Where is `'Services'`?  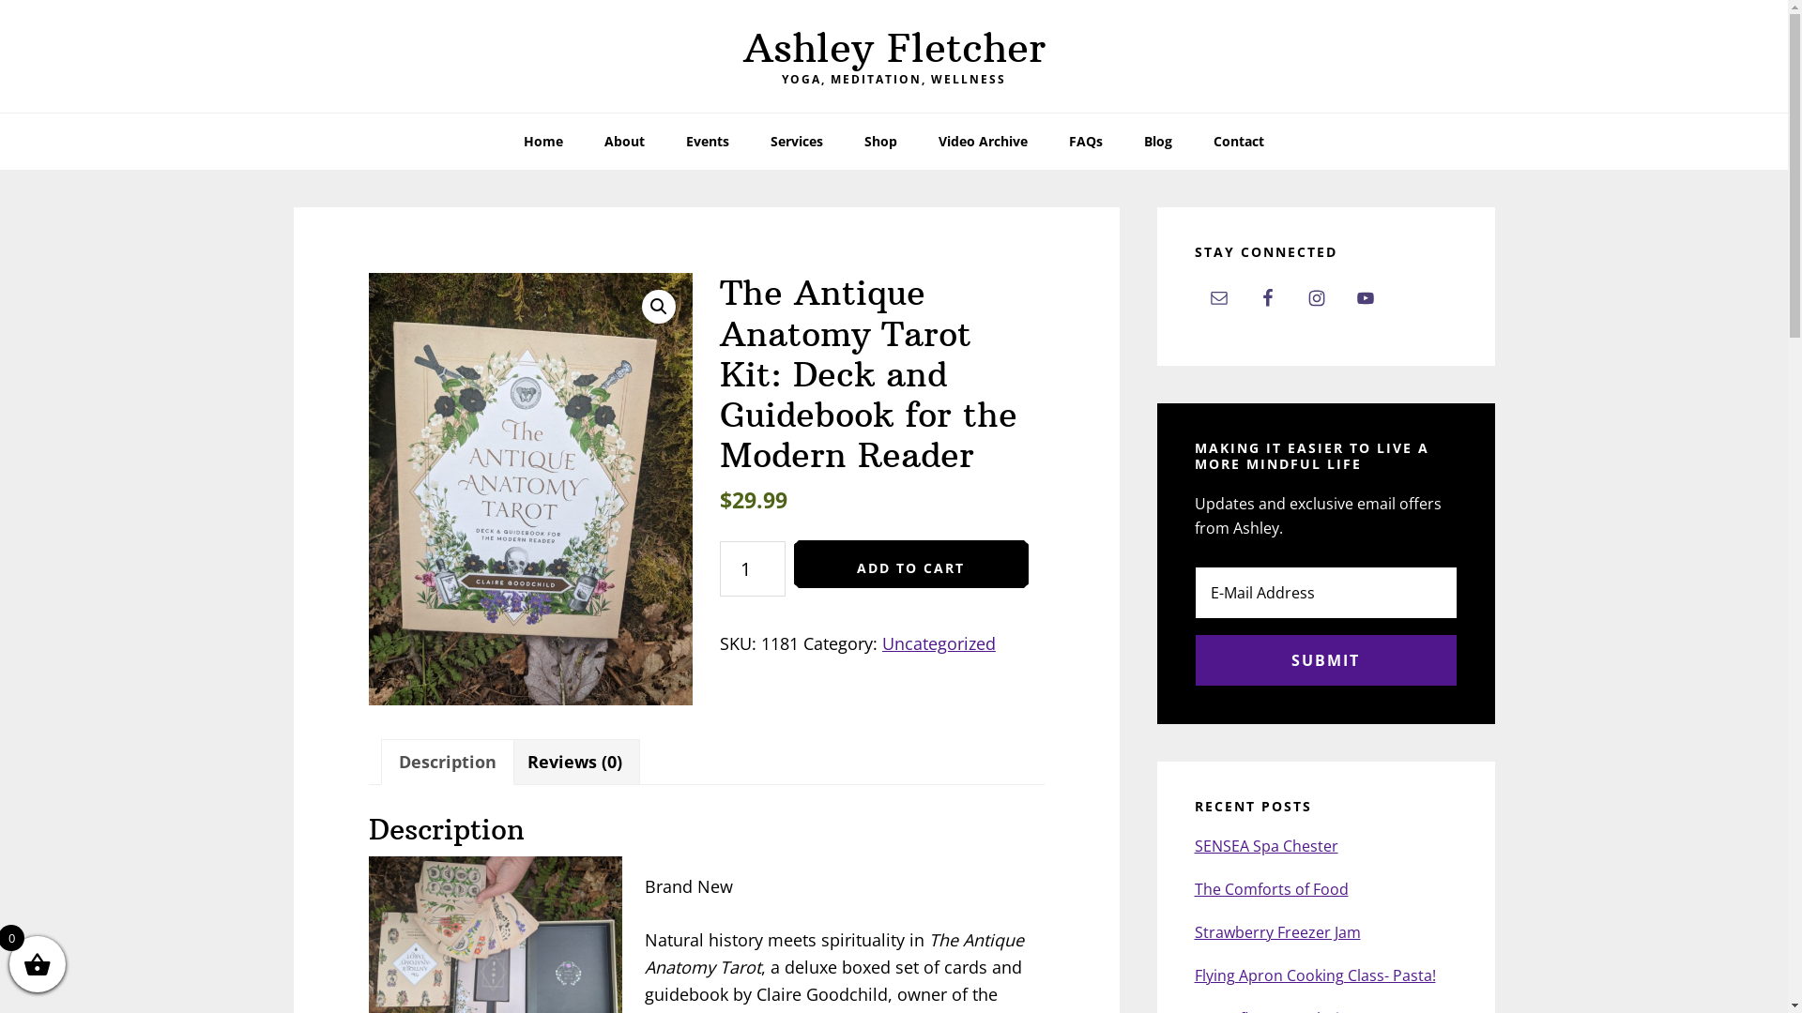 'Services' is located at coordinates (797, 140).